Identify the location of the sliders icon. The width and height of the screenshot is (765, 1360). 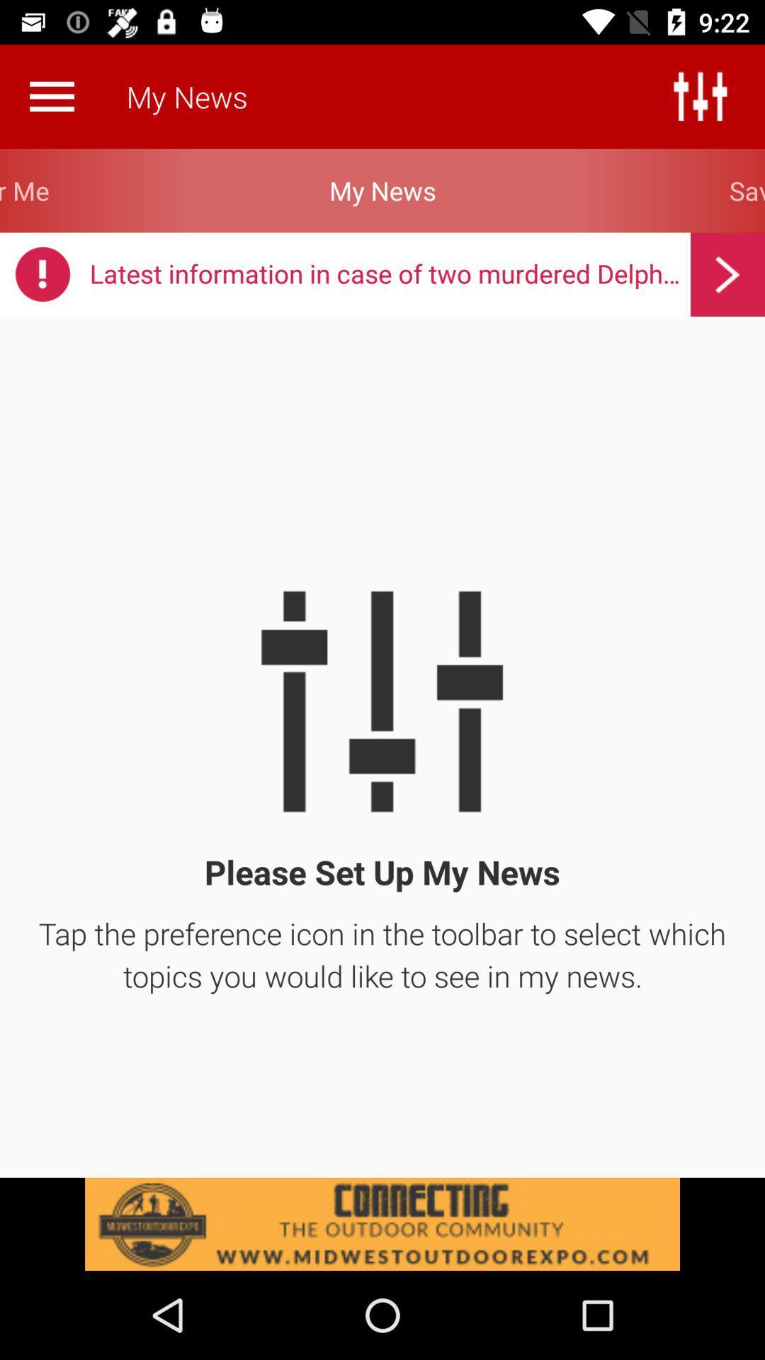
(699, 96).